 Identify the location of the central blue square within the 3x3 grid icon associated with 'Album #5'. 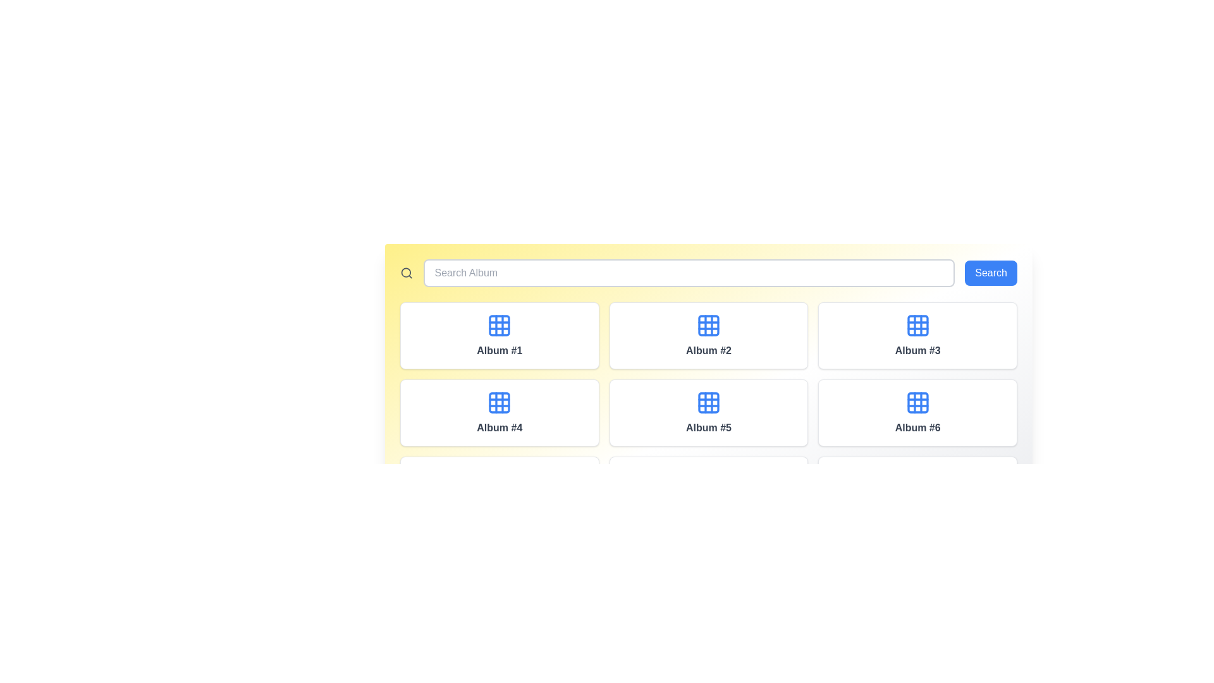
(708, 402).